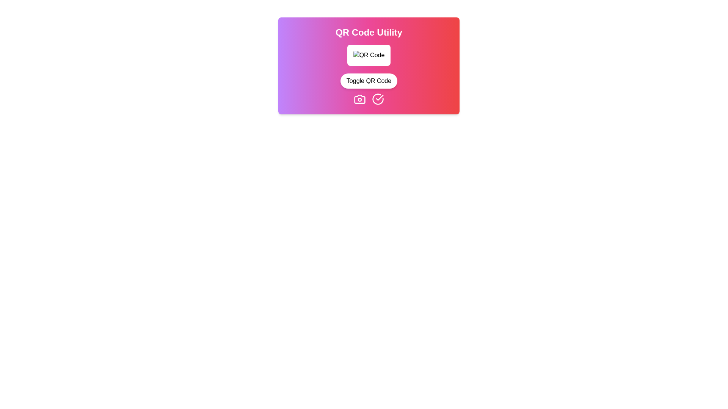  Describe the element at coordinates (359, 98) in the screenshot. I see `the camera icon located to the left of the checkmark icon in the 'QR Code Utility' section` at that location.